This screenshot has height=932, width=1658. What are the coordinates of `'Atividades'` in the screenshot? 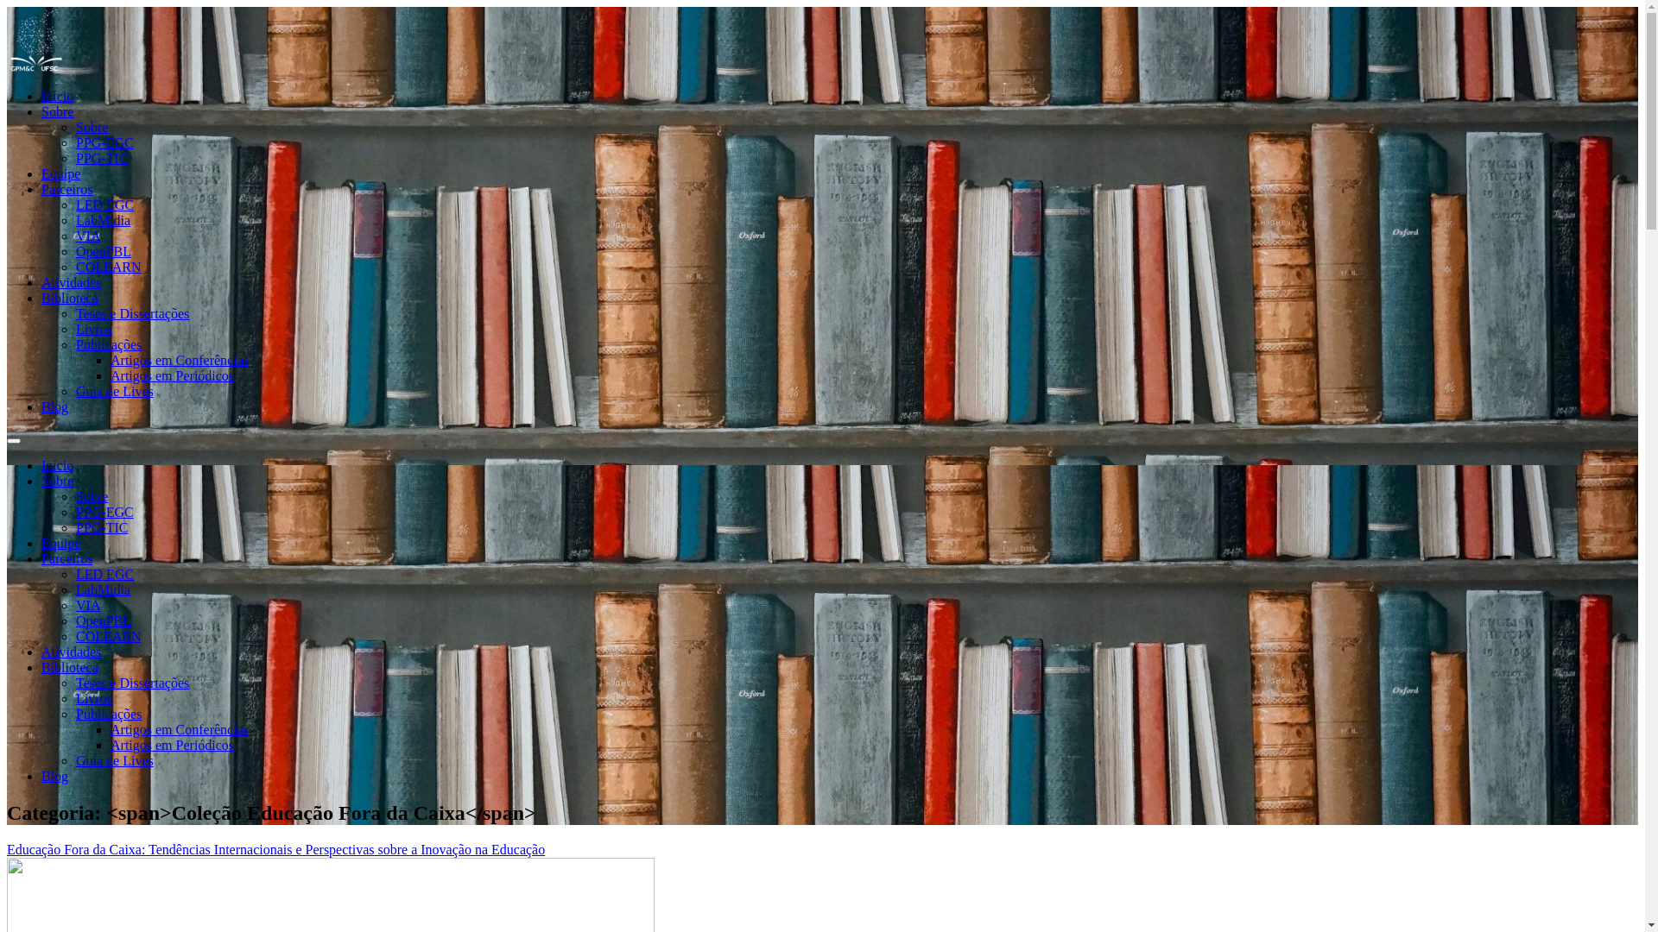 It's located at (41, 652).